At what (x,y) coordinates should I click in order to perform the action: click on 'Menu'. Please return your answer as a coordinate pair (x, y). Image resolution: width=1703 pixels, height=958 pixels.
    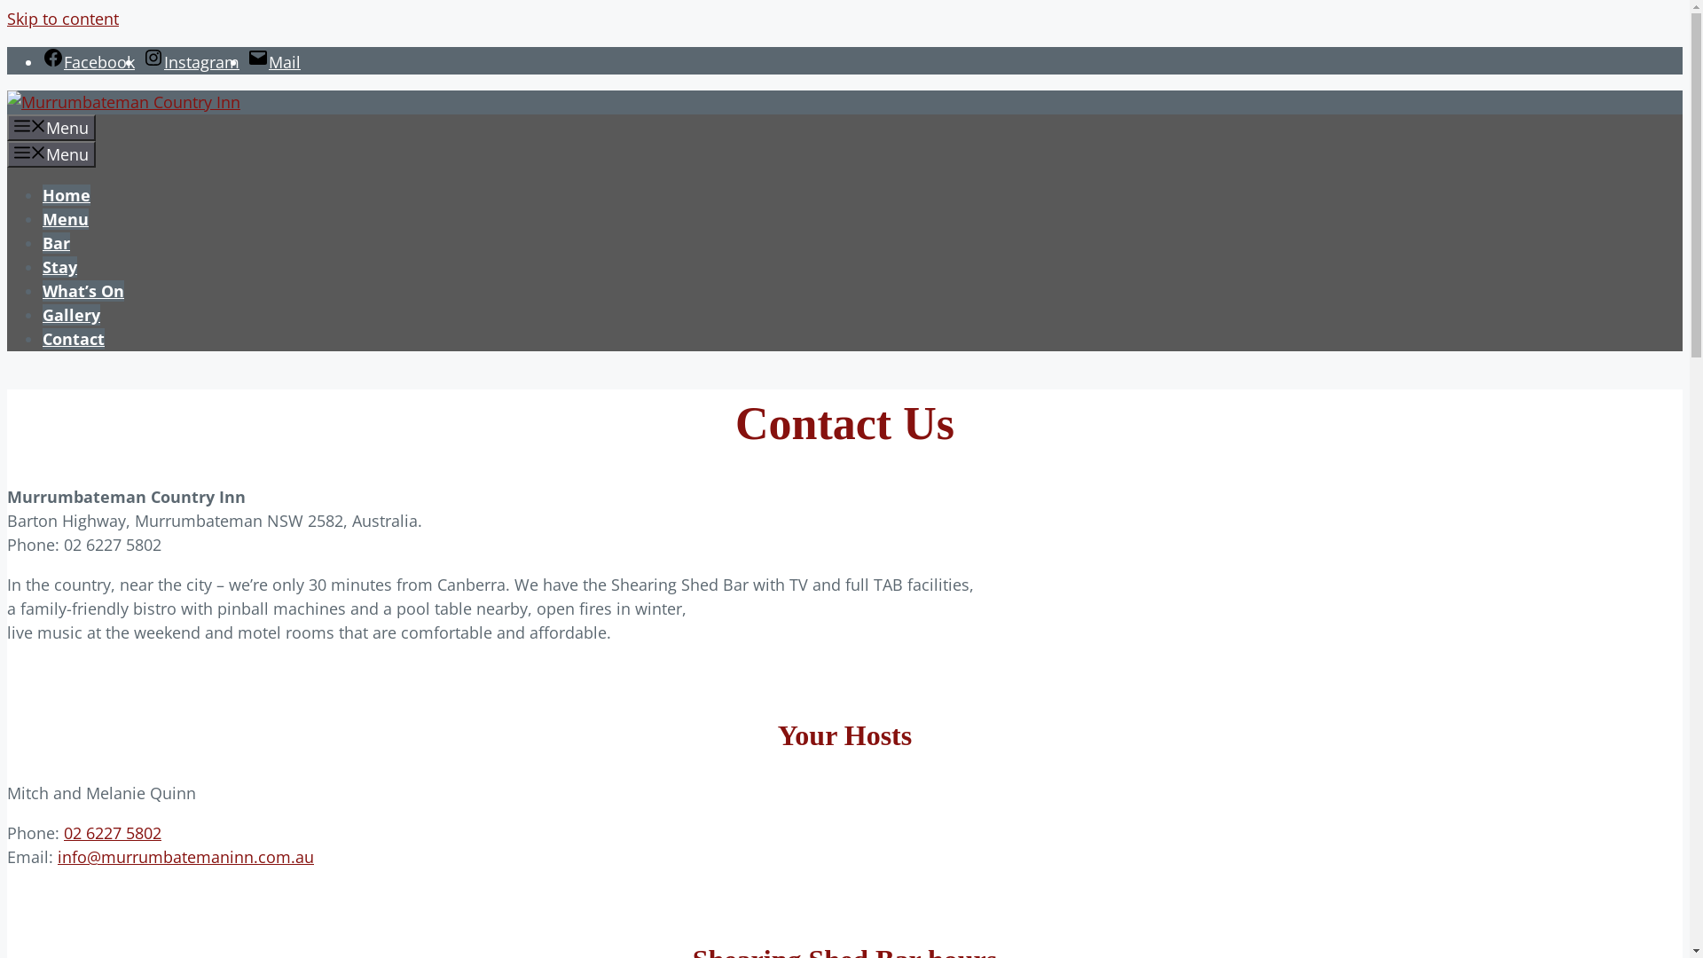
    Looking at the image, I should click on (51, 153).